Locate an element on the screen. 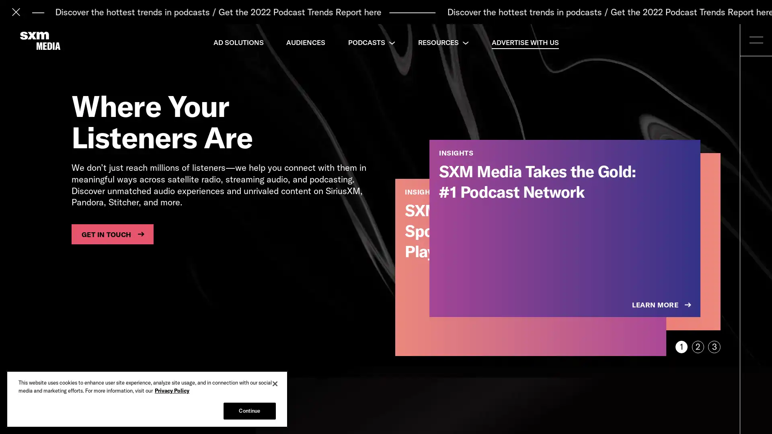  1 is located at coordinates (681, 346).